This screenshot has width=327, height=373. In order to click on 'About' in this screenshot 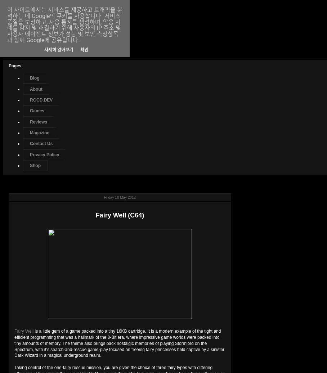, I will do `click(35, 89)`.